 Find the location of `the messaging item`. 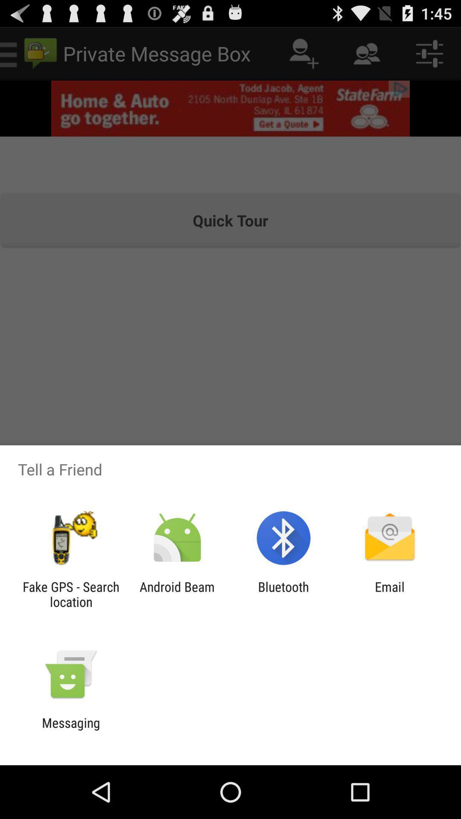

the messaging item is located at coordinates (70, 730).